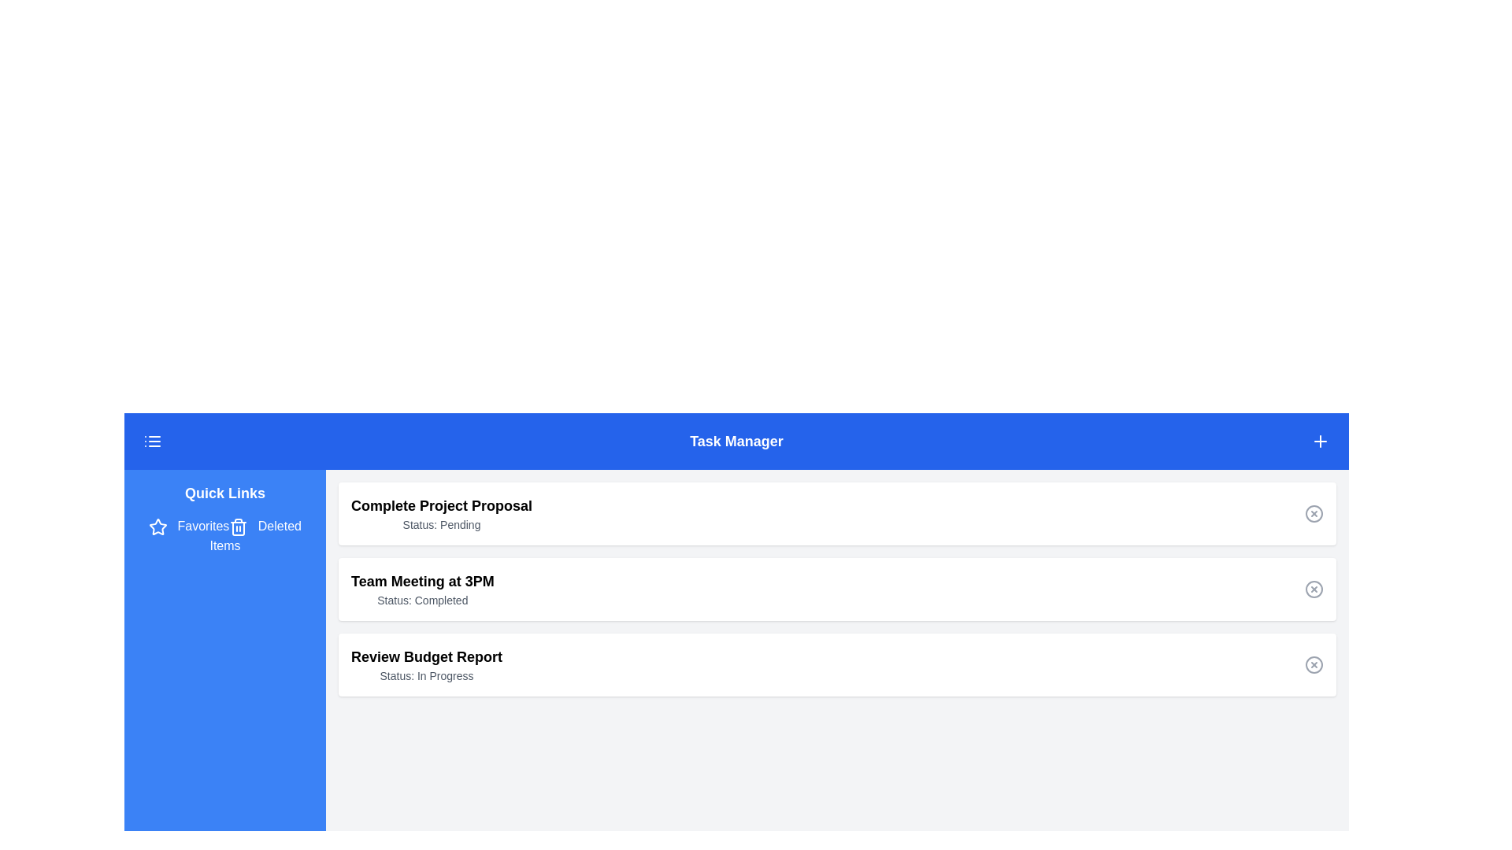  Describe the element at coordinates (238, 527) in the screenshot. I see `the 'Deleted Items' icon located in the 'Quick Links' section of the blue navigation panel` at that location.